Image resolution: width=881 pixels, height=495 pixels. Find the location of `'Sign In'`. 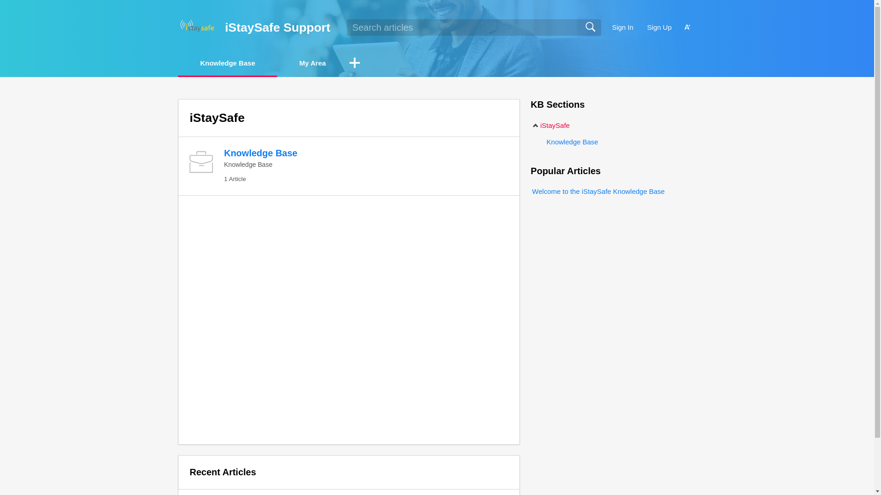

'Sign In' is located at coordinates (612, 27).